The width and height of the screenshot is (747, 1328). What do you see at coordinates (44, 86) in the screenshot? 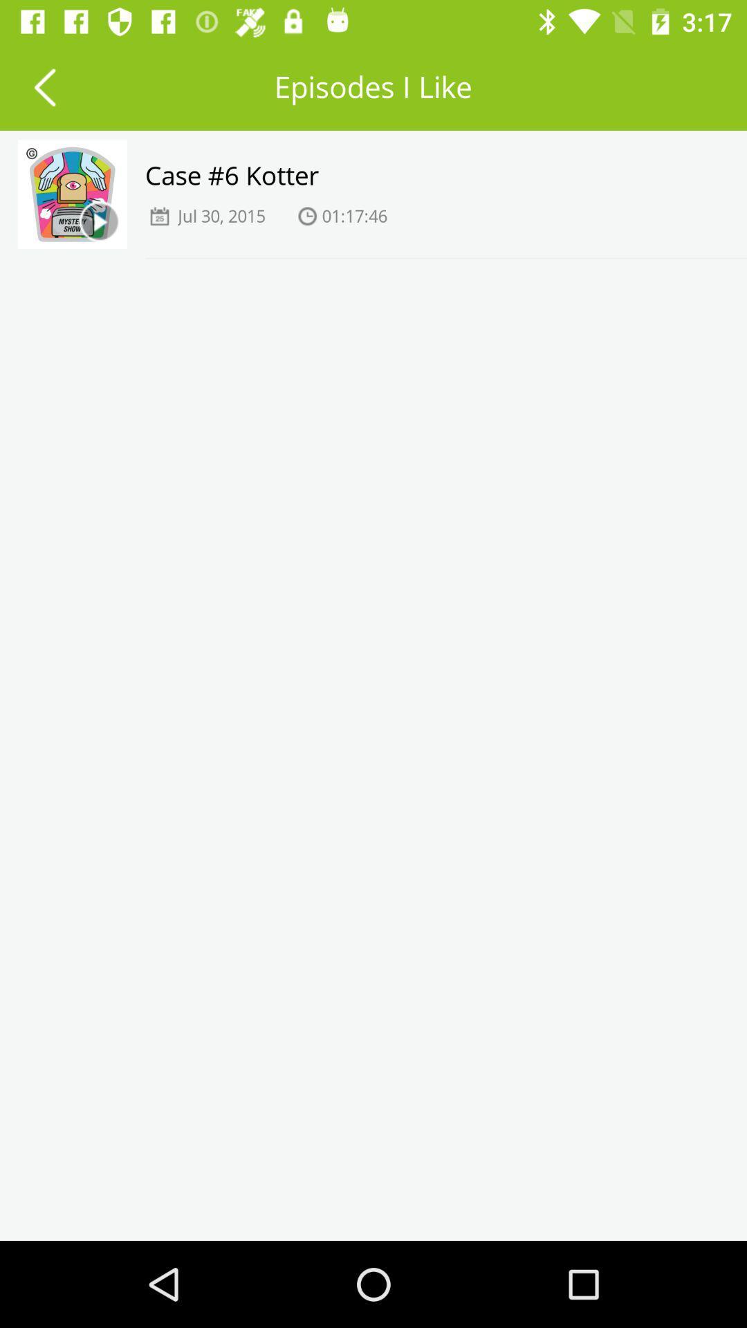
I see `the item to the left of the episodes i like icon` at bounding box center [44, 86].